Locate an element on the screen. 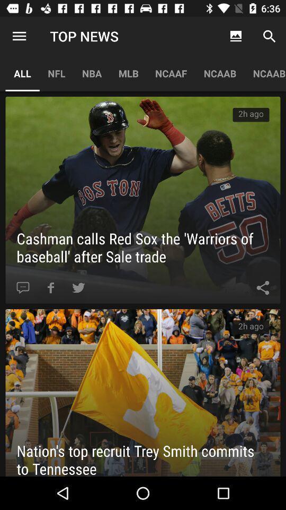  item next to nfl is located at coordinates (22, 73).